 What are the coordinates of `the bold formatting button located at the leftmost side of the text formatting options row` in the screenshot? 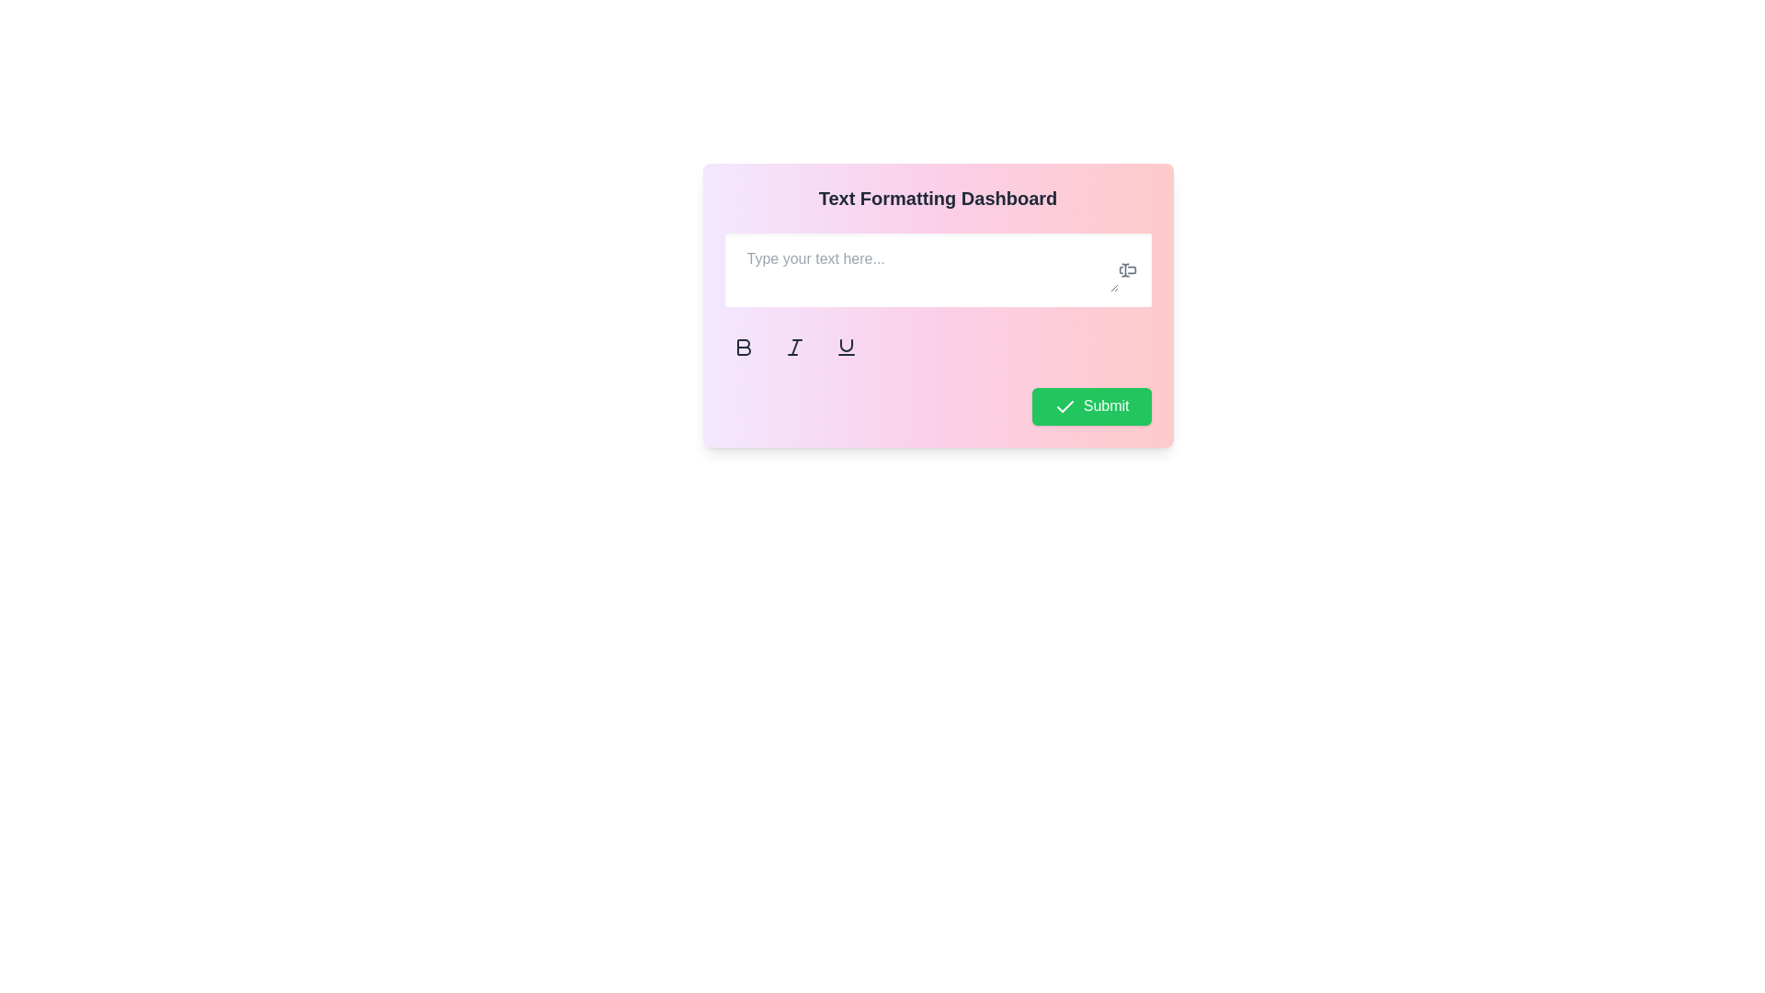 It's located at (743, 348).